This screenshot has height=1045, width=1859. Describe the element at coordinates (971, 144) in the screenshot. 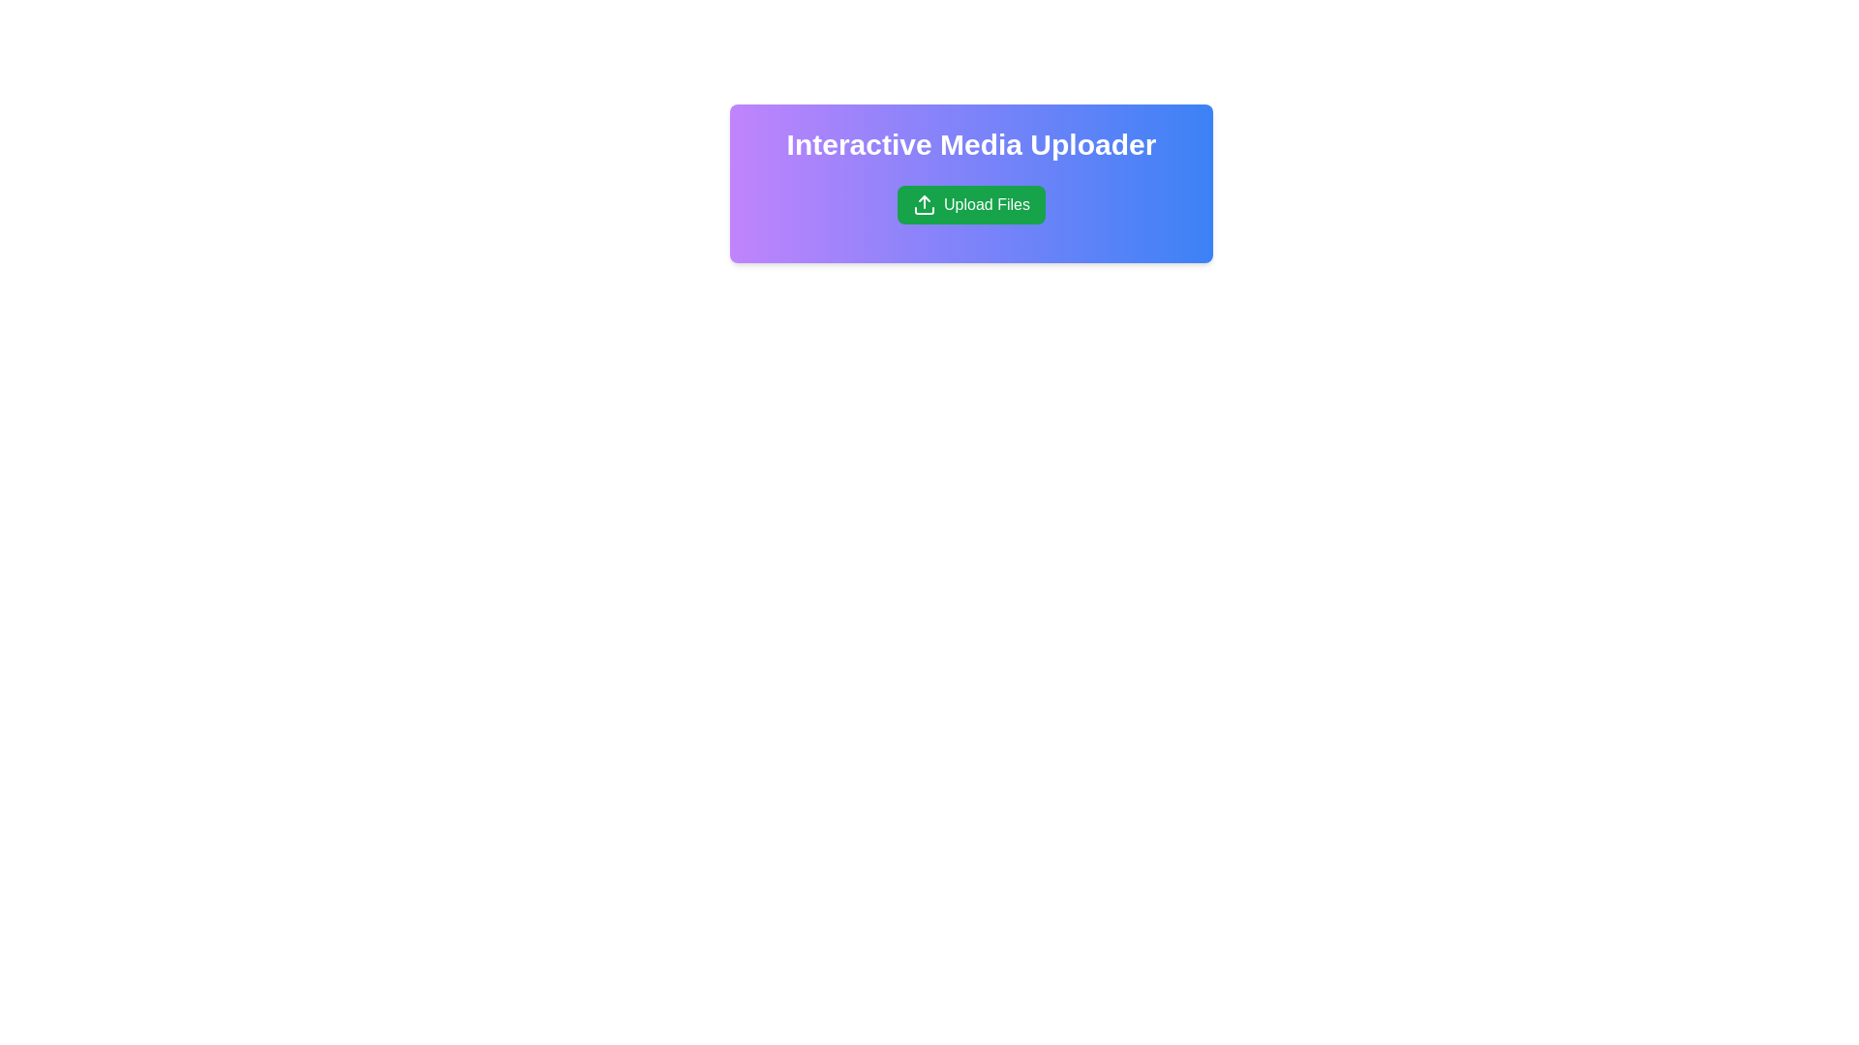

I see `the heading element displaying 'Interactive Media Uploader', which is styled with white text on a gradient background and is centered at the top of the card` at that location.